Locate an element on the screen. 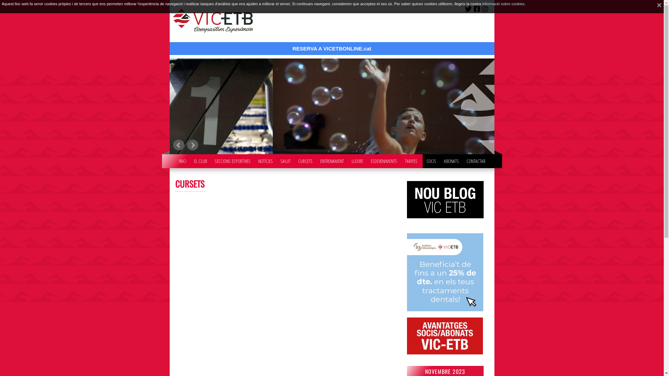 The height and width of the screenshot is (376, 669). 'ABONATS' is located at coordinates (440, 159).